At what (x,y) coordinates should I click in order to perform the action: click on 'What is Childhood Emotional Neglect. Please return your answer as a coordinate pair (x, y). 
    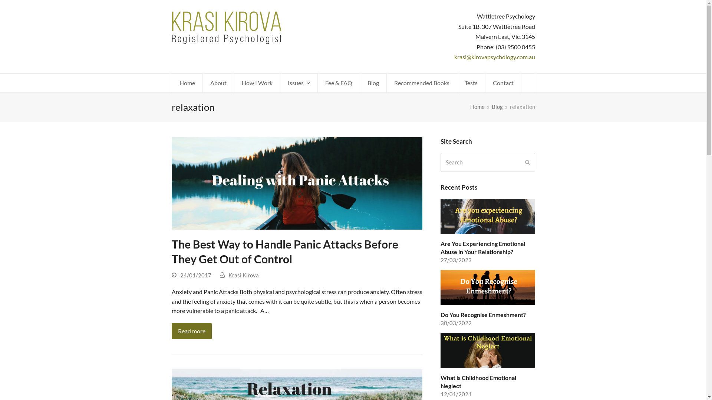
    Looking at the image, I should click on (488, 365).